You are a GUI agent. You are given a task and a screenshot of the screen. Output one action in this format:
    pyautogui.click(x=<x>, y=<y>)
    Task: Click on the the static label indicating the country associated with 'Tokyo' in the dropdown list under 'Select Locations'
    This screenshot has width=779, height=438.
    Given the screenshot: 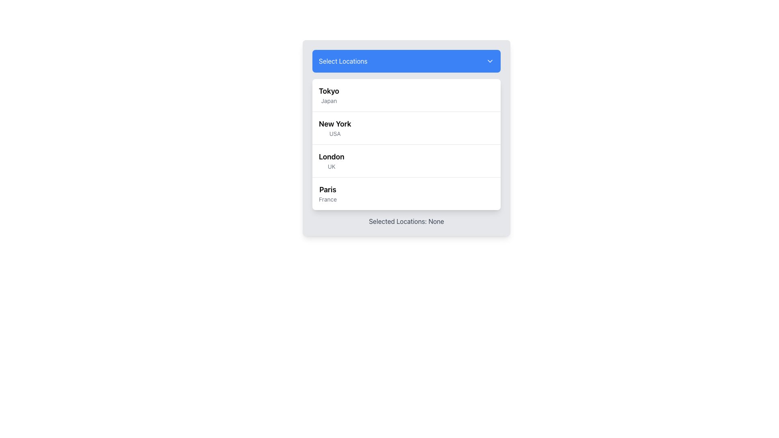 What is the action you would take?
    pyautogui.click(x=329, y=101)
    